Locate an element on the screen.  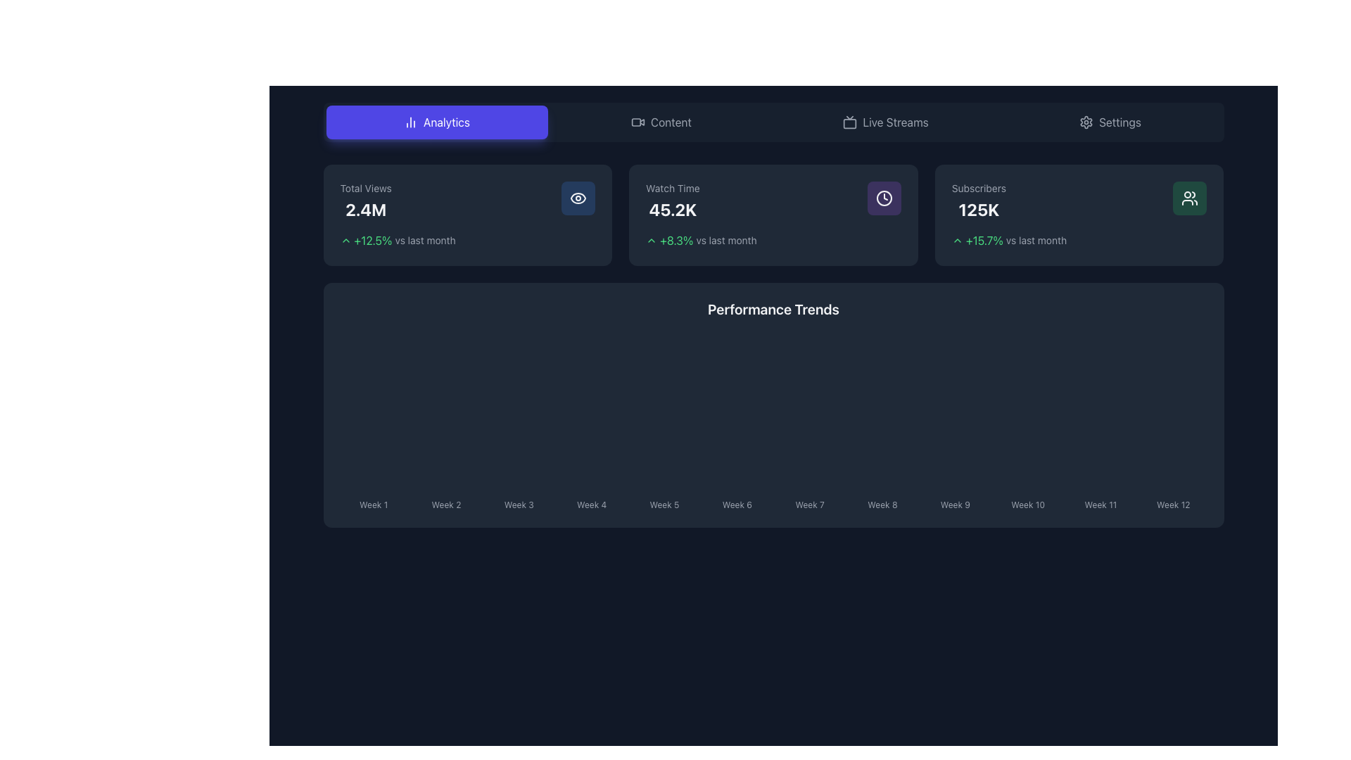
the 'Settings' text label located in the top-right of the user interface is located at coordinates (1120, 121).